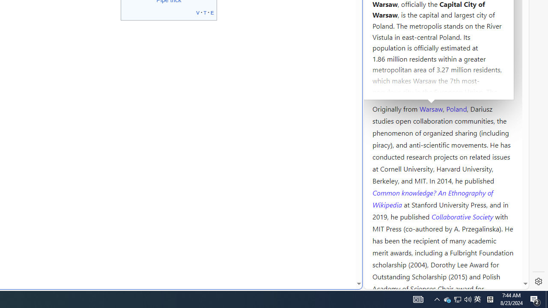 The height and width of the screenshot is (308, 548). What do you see at coordinates (463, 216) in the screenshot?
I see `'Collaborative Society '` at bounding box center [463, 216].